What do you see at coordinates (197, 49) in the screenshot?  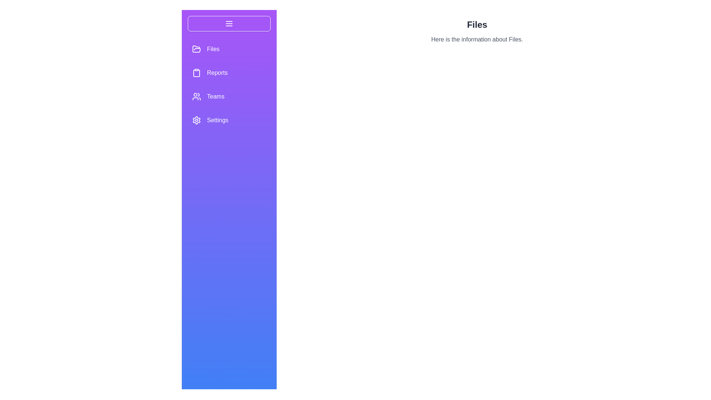 I see `the menu option Files to select it` at bounding box center [197, 49].